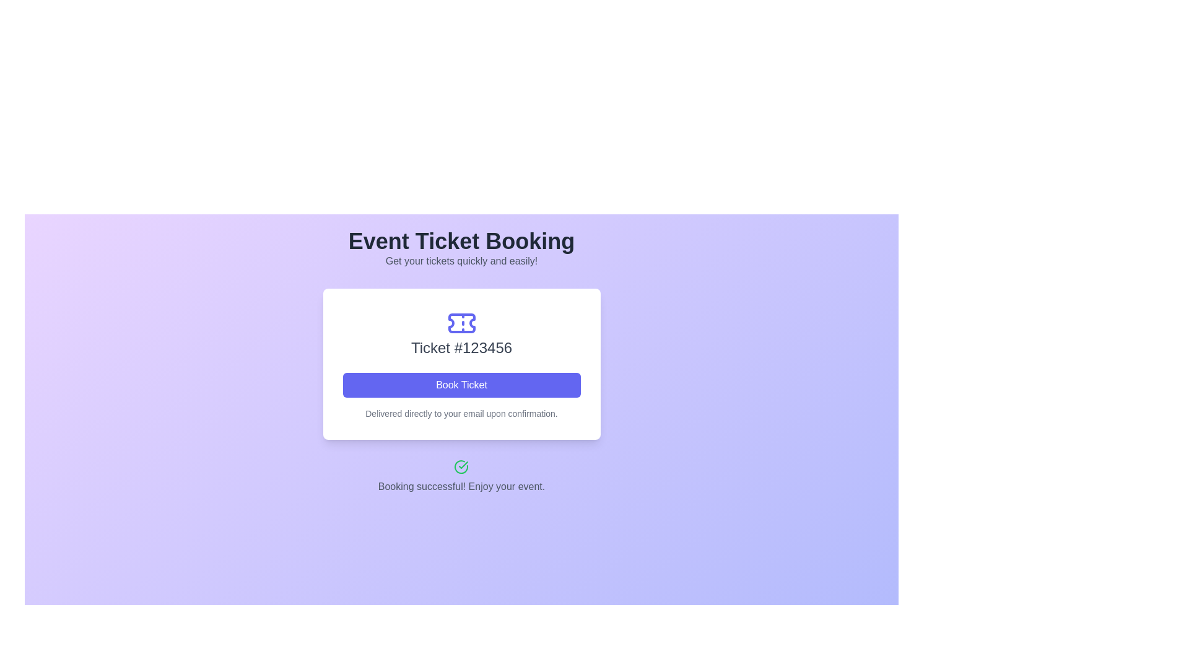 This screenshot has width=1189, height=669. What do you see at coordinates (461, 466) in the screenshot?
I see `the success confirmation icon located above the text 'Booking successful! Enjoy your event.'` at bounding box center [461, 466].